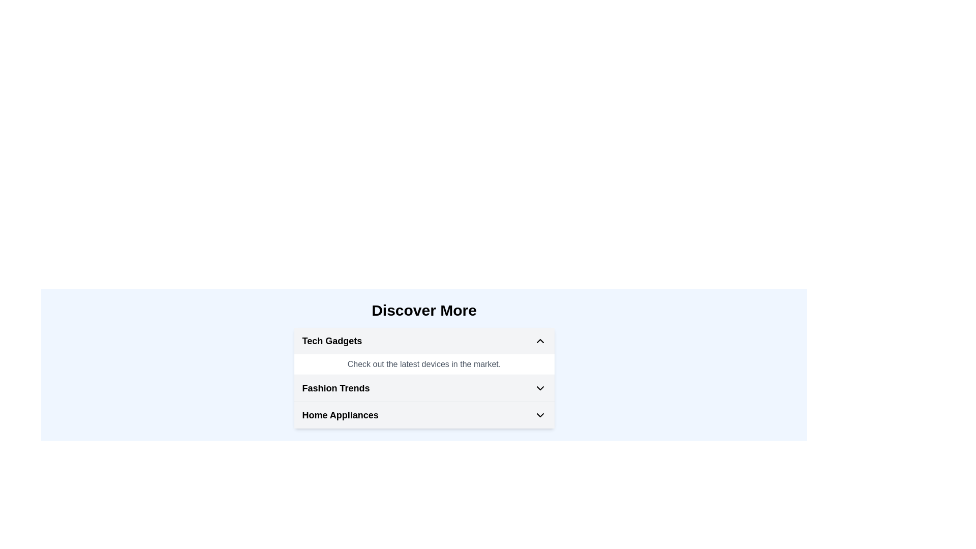 The height and width of the screenshot is (549, 976). I want to click on the text label displaying 'Fashion Trends', which is a bold heading located in the horizontal bar below 'Tech Gadgets' and above 'Home Appliances', so click(336, 388).